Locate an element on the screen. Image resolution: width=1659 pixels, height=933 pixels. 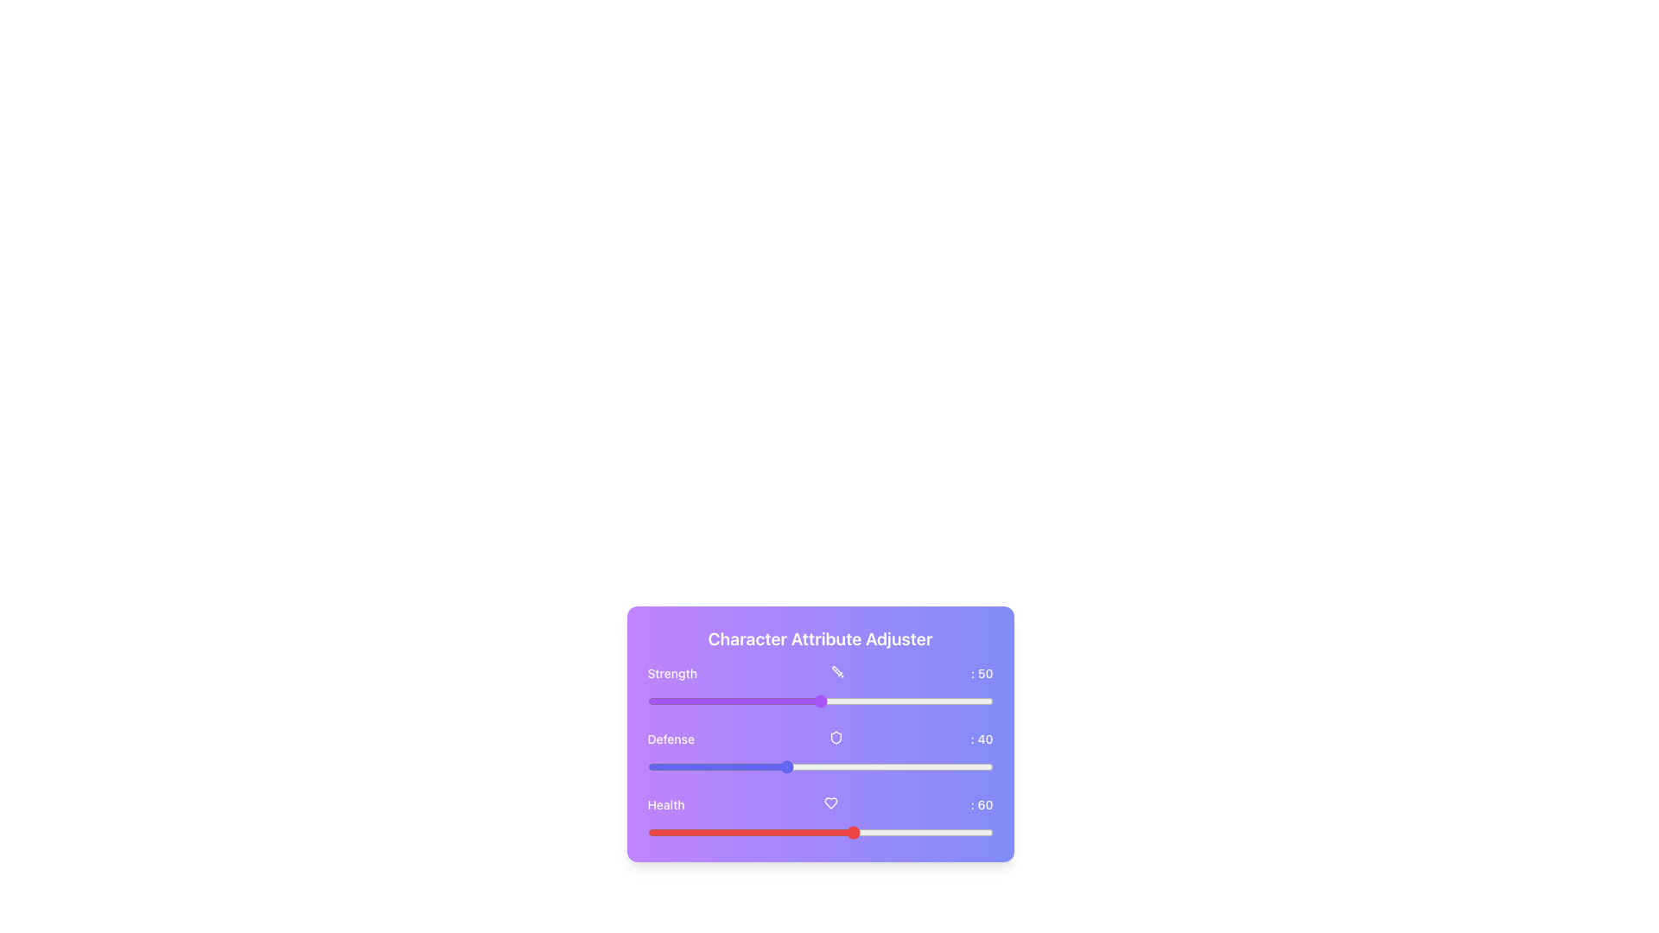
the defense level is located at coordinates (754, 765).